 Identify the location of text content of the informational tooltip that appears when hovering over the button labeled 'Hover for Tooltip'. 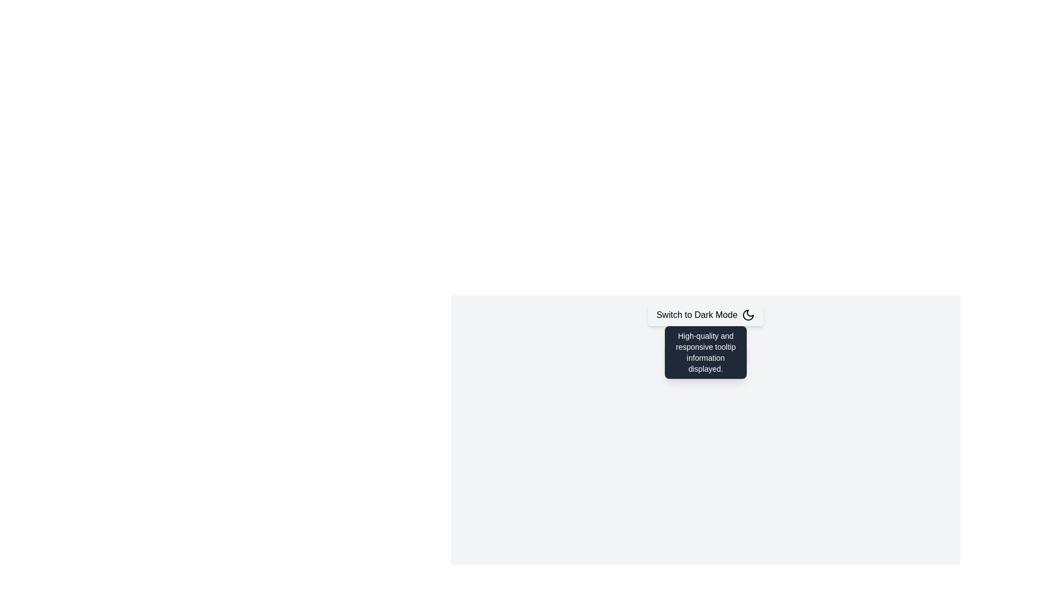
(706, 352).